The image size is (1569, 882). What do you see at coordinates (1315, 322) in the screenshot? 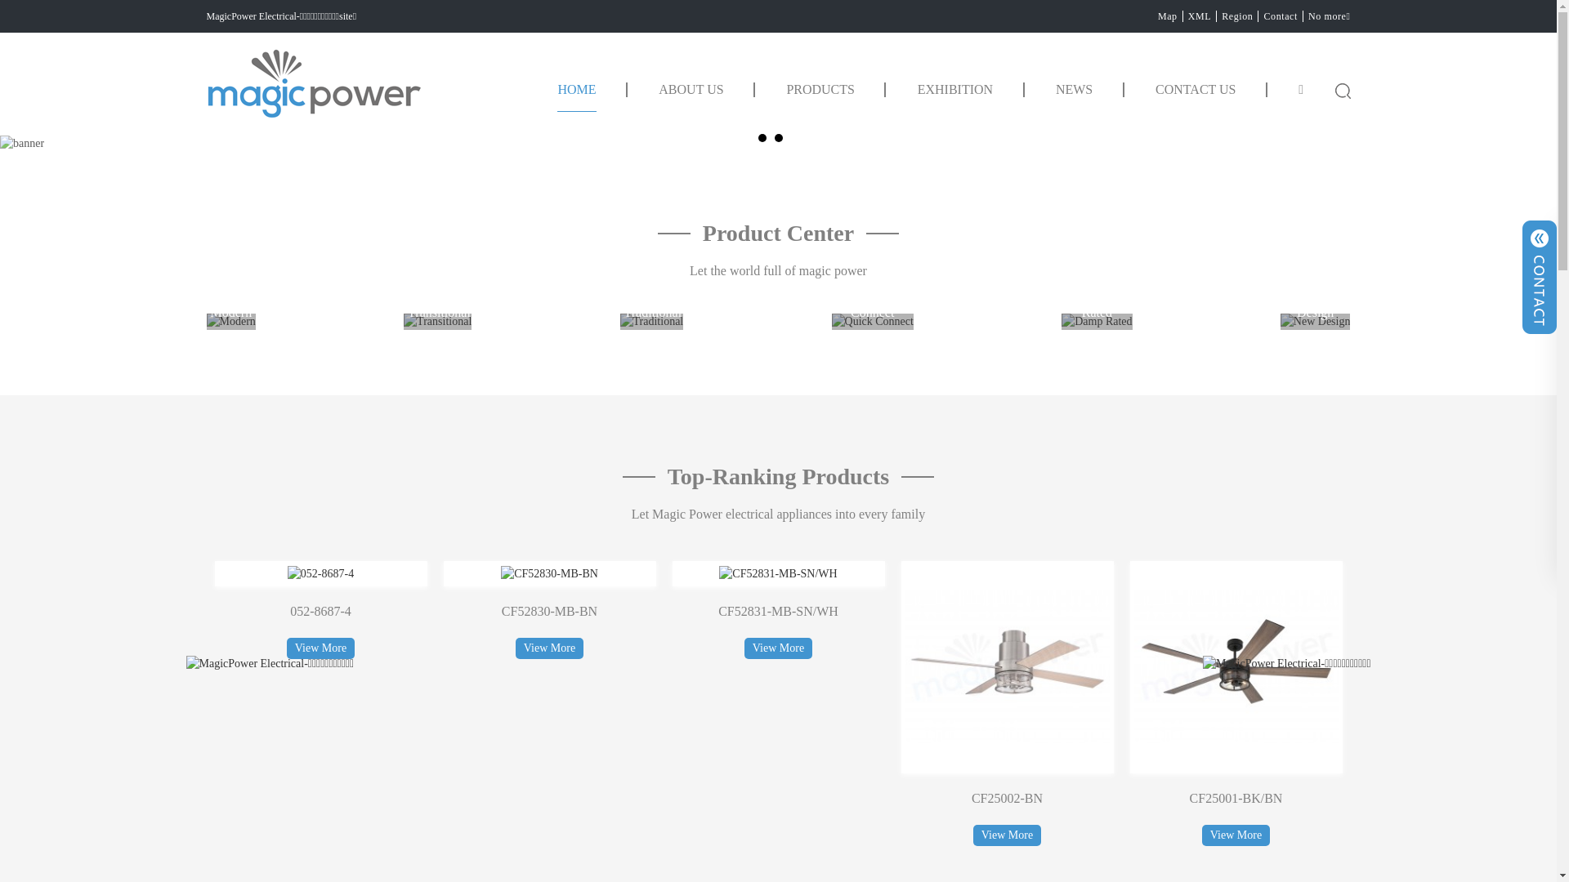
I see `'New Design'` at bounding box center [1315, 322].